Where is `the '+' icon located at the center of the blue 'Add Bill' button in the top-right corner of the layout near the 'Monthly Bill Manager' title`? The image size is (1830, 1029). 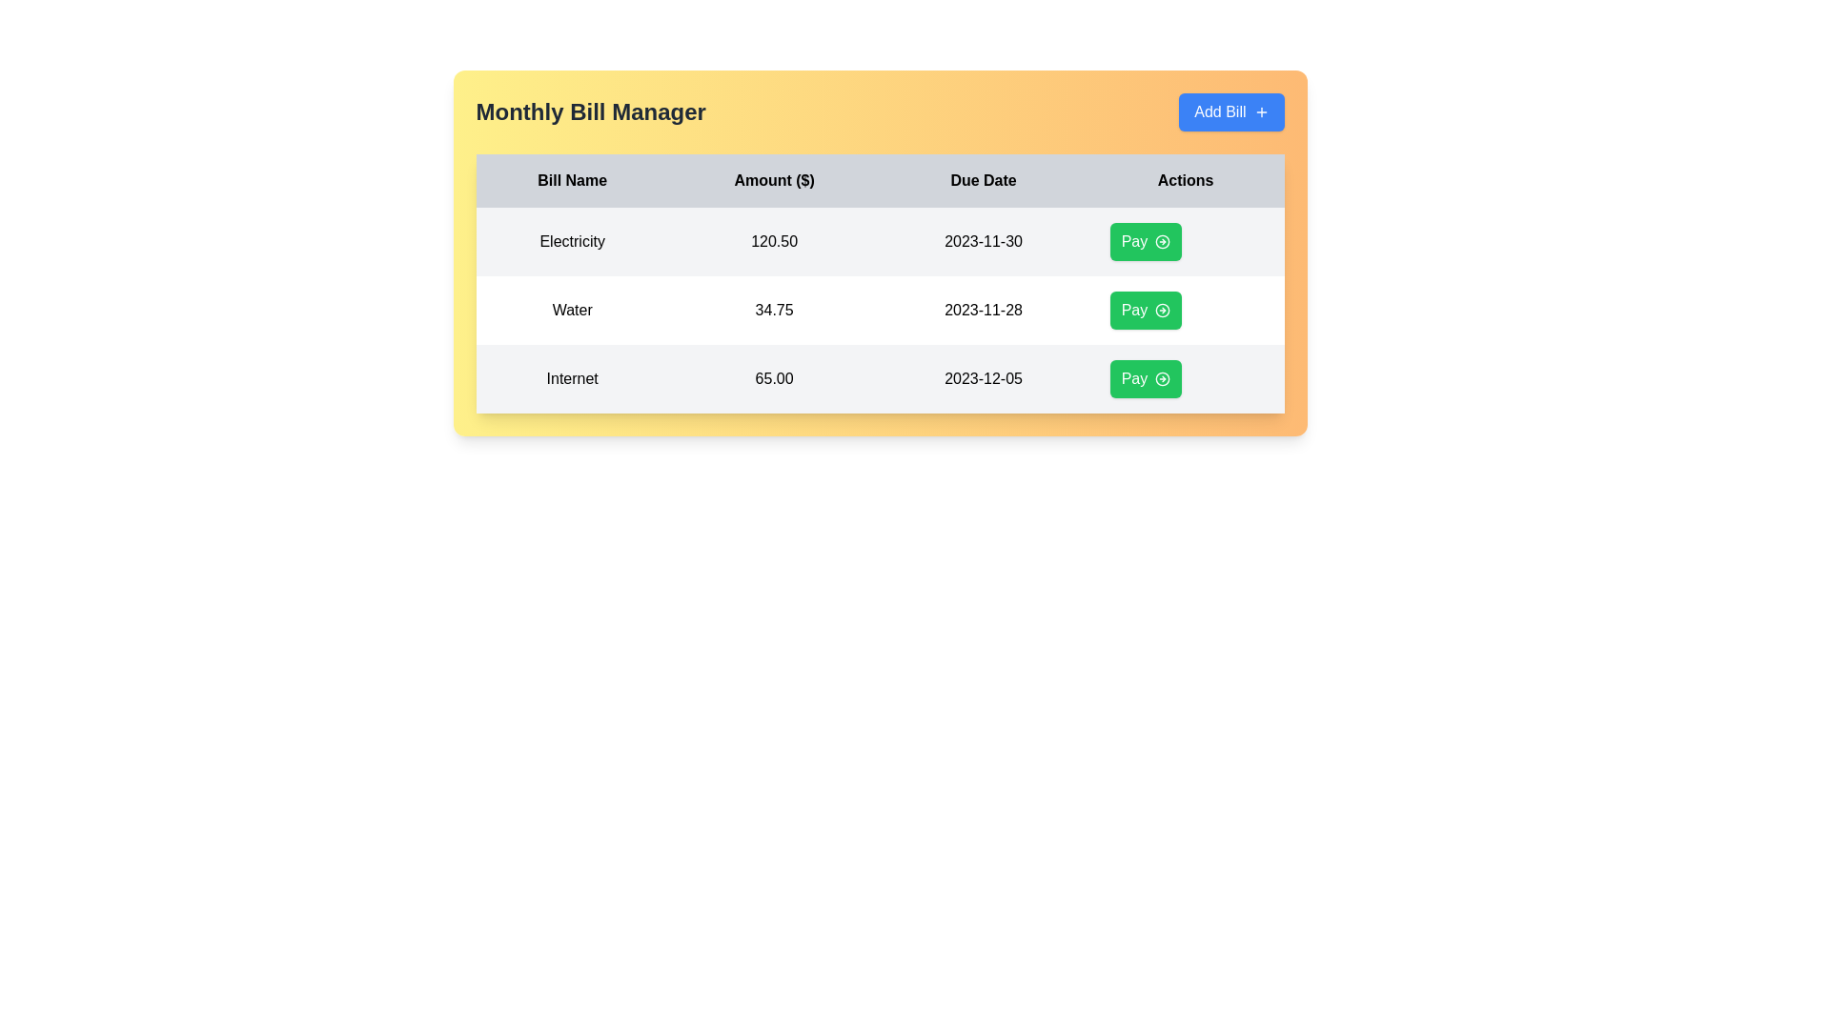
the '+' icon located at the center of the blue 'Add Bill' button in the top-right corner of the layout near the 'Monthly Bill Manager' title is located at coordinates (1261, 112).